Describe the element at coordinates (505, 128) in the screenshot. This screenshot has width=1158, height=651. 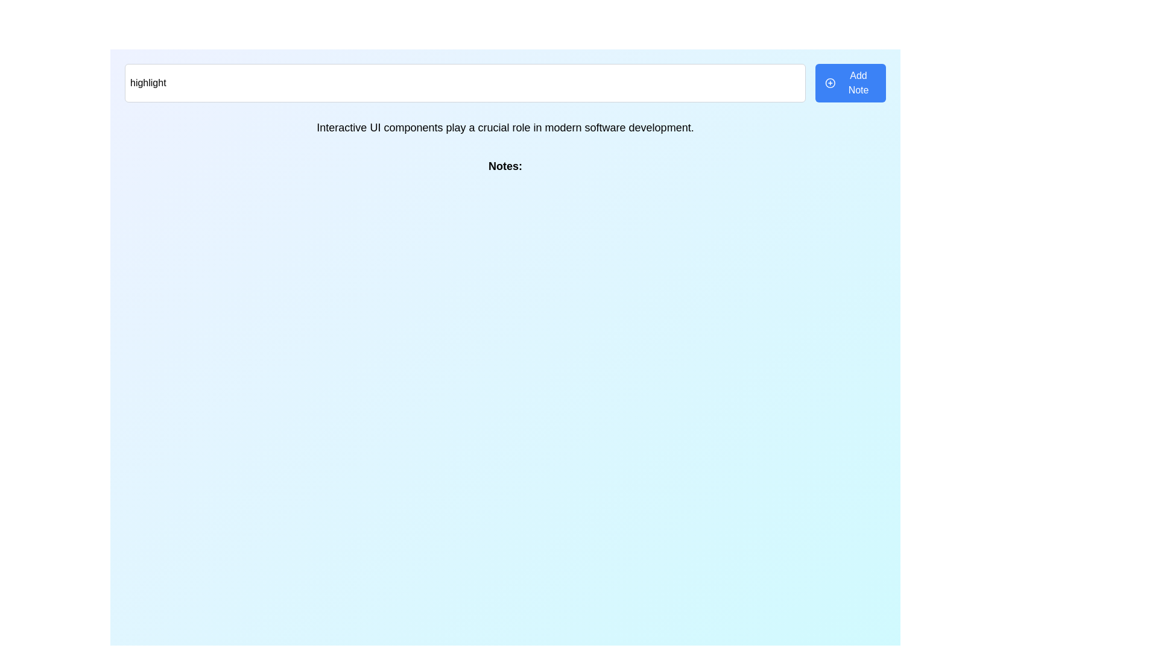
I see `informational text displayed in the text block located centrally above the 'Notes' section and below the search bar` at that location.